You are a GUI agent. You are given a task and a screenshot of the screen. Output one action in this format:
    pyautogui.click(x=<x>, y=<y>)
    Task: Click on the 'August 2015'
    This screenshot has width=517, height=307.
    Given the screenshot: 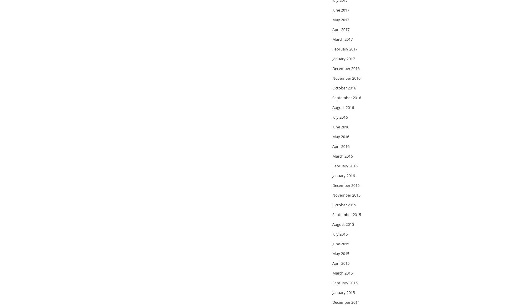 What is the action you would take?
    pyautogui.click(x=343, y=224)
    